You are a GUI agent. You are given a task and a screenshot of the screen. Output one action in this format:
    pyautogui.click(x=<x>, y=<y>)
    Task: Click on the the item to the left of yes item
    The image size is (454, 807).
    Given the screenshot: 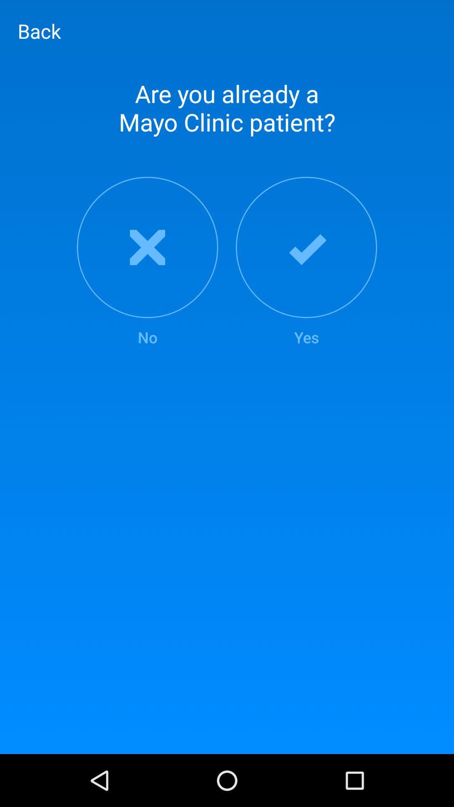 What is the action you would take?
    pyautogui.click(x=147, y=262)
    